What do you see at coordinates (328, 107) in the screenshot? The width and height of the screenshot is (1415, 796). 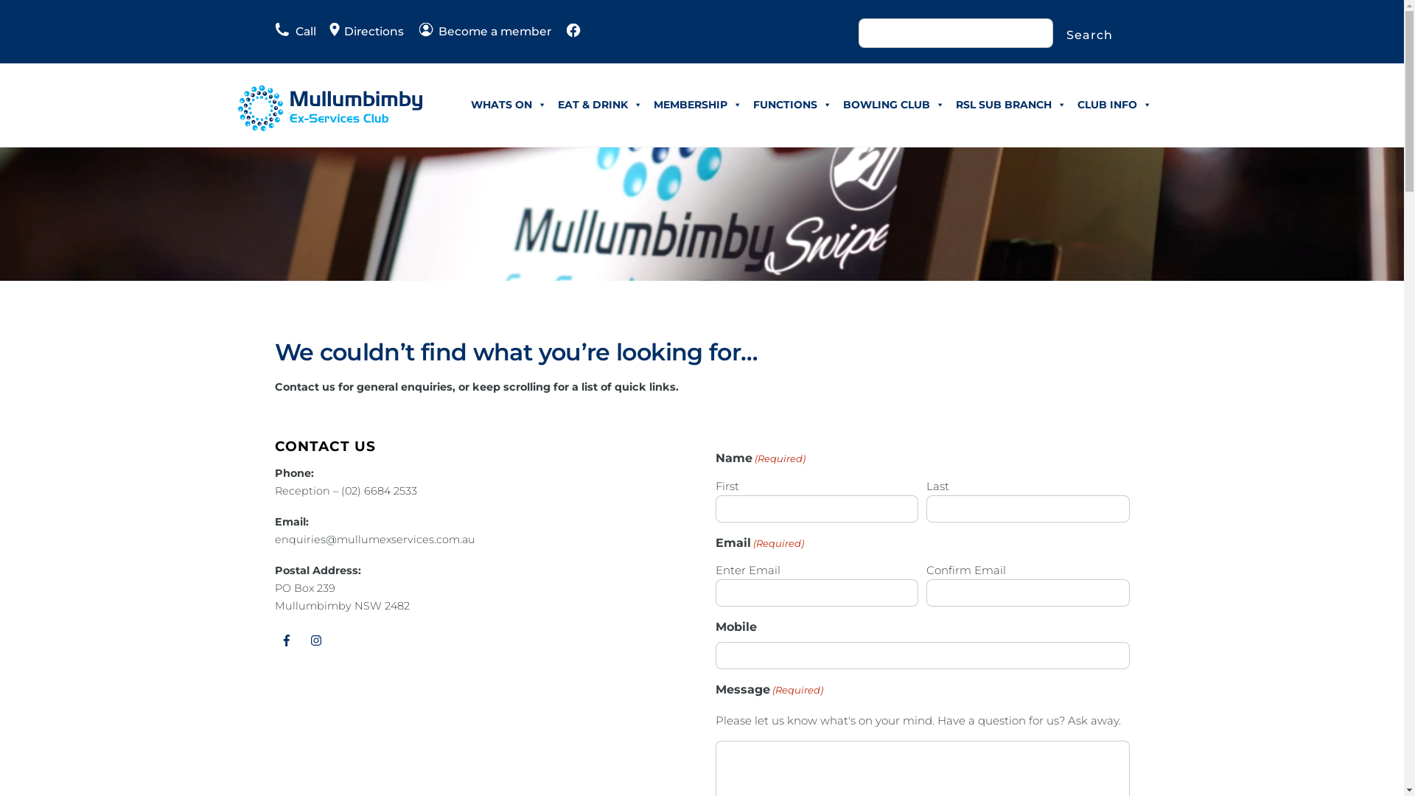 I see `'club logo_dark blue & light blue'` at bounding box center [328, 107].